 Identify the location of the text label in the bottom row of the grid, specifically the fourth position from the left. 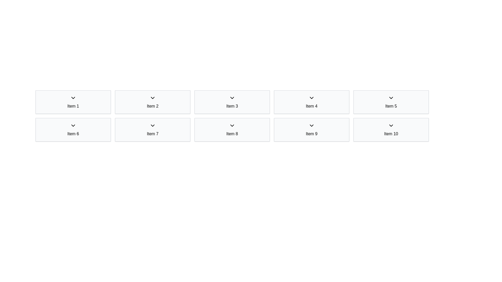
(311, 134).